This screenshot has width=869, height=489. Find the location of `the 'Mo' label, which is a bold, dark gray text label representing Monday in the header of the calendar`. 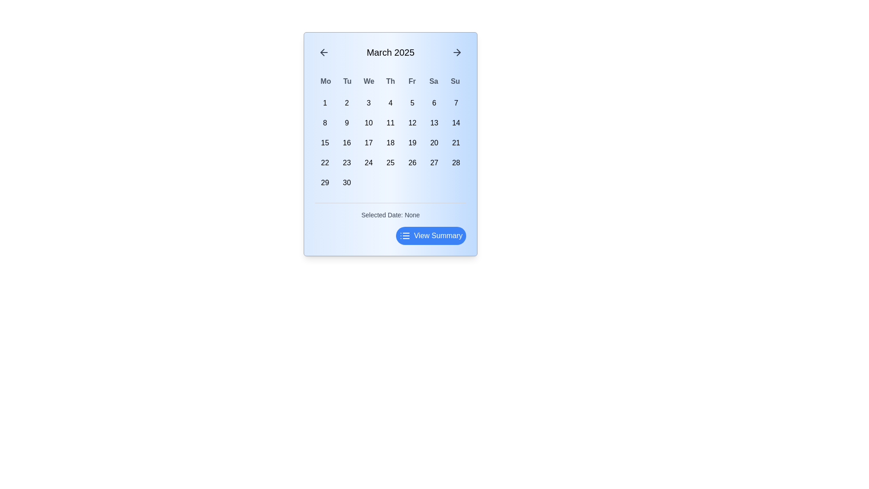

the 'Mo' label, which is a bold, dark gray text label representing Monday in the header of the calendar is located at coordinates (325, 81).